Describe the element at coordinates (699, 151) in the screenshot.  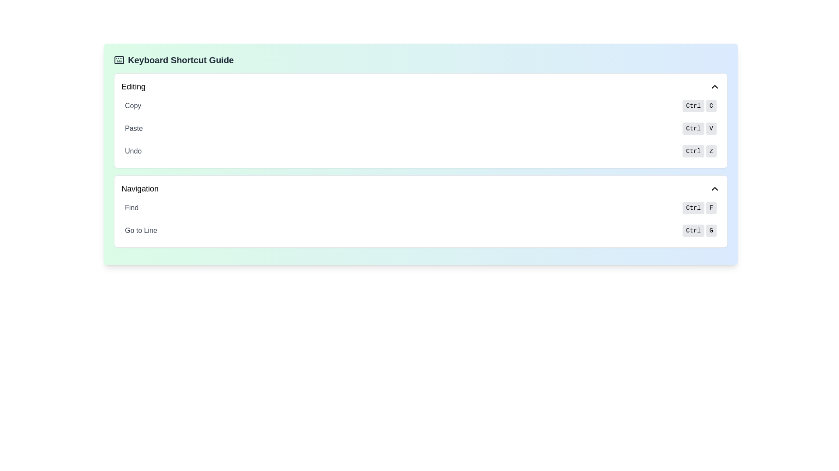
I see `the 'Ctrl' keyboard shortcut display indicator located to the far right of the 'Undo' text in the 'Editing' category of the 'Keyboard Shortcut Guide'` at that location.